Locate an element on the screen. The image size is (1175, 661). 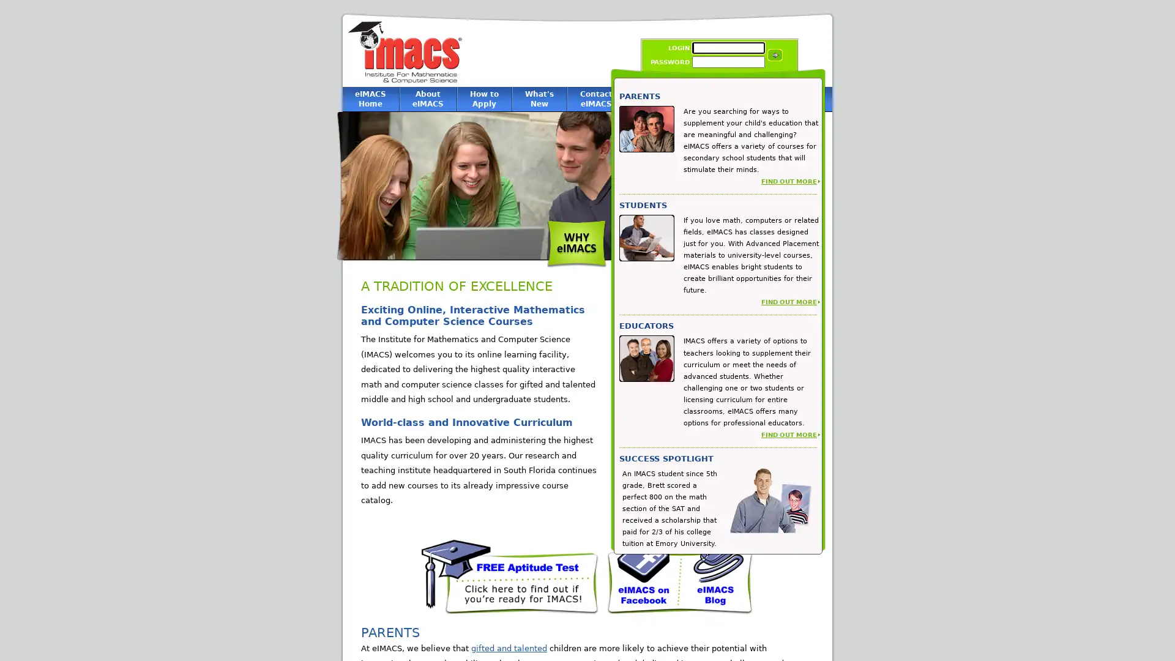
Go is located at coordinates (774, 54).